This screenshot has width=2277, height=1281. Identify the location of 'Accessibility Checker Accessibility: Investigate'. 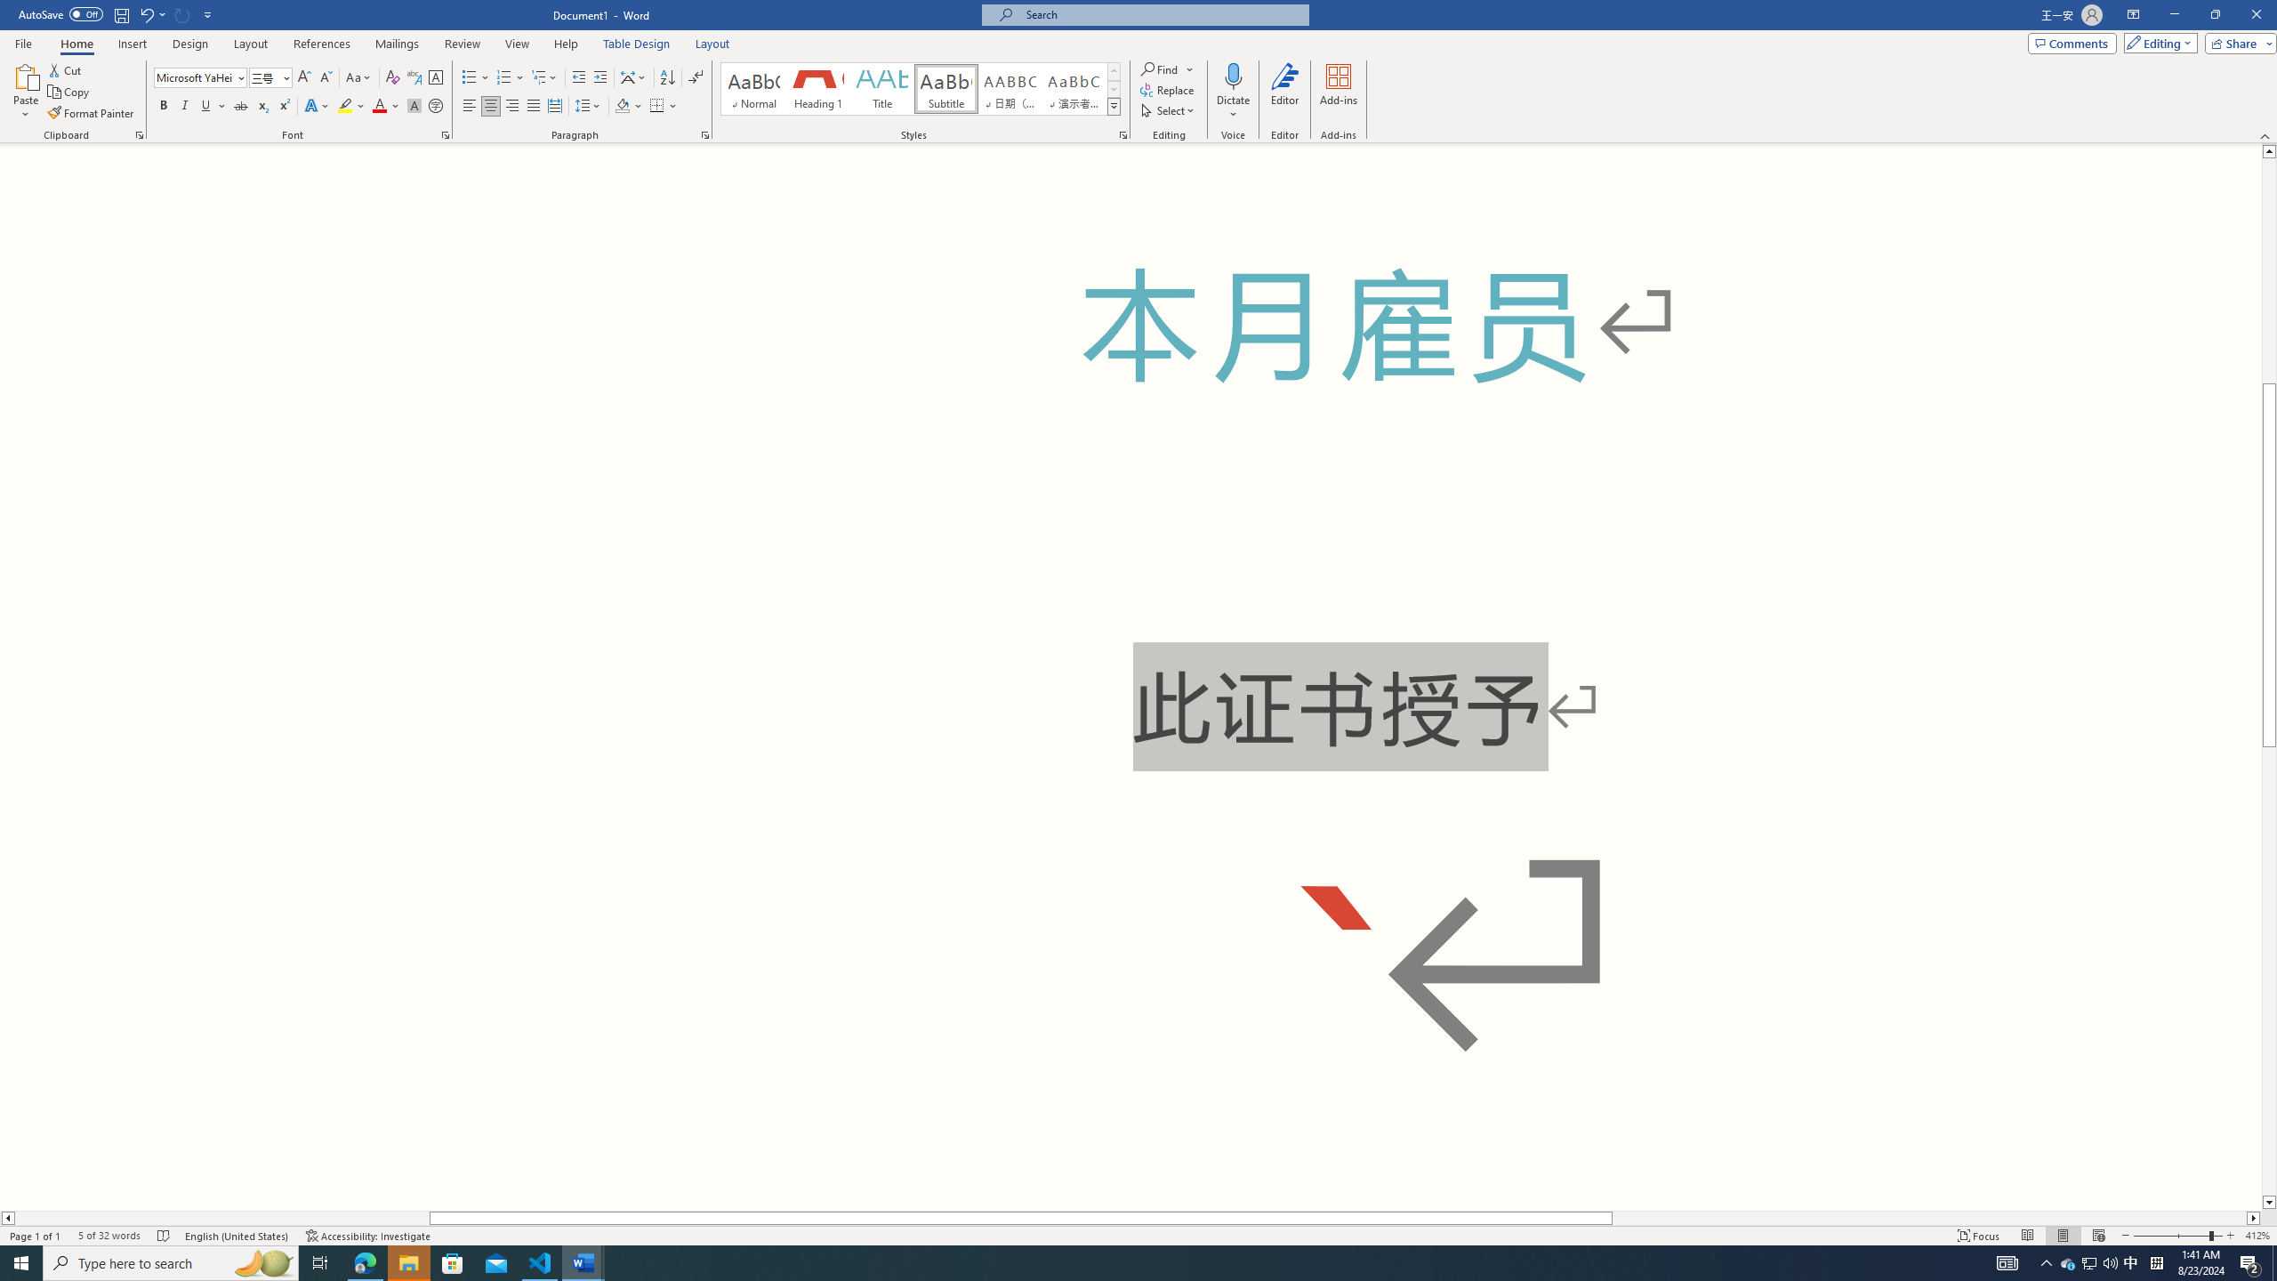
(367, 1236).